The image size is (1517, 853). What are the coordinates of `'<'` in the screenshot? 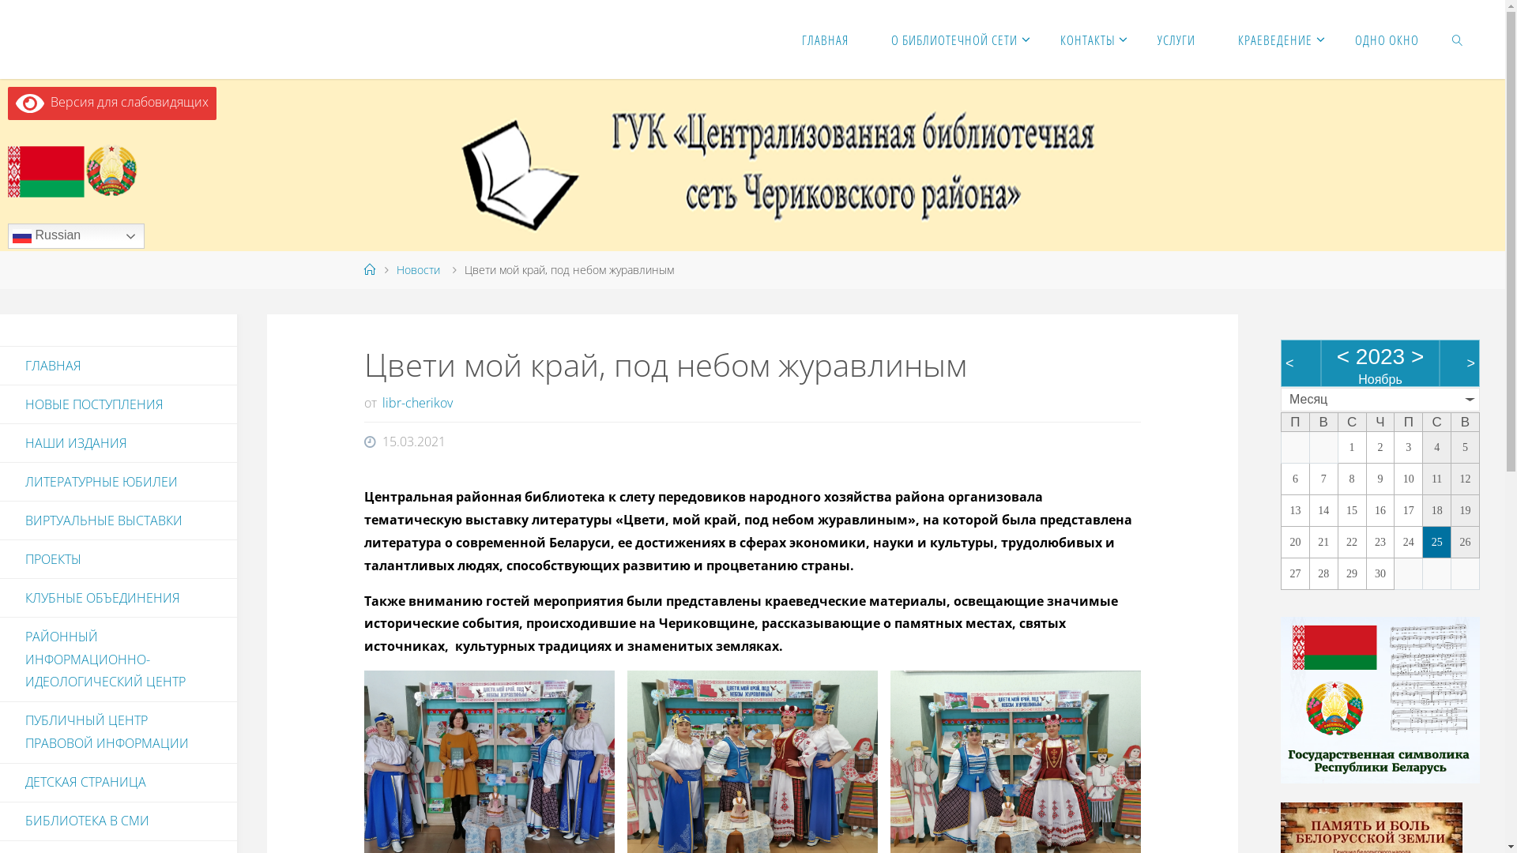 It's located at (1289, 363).